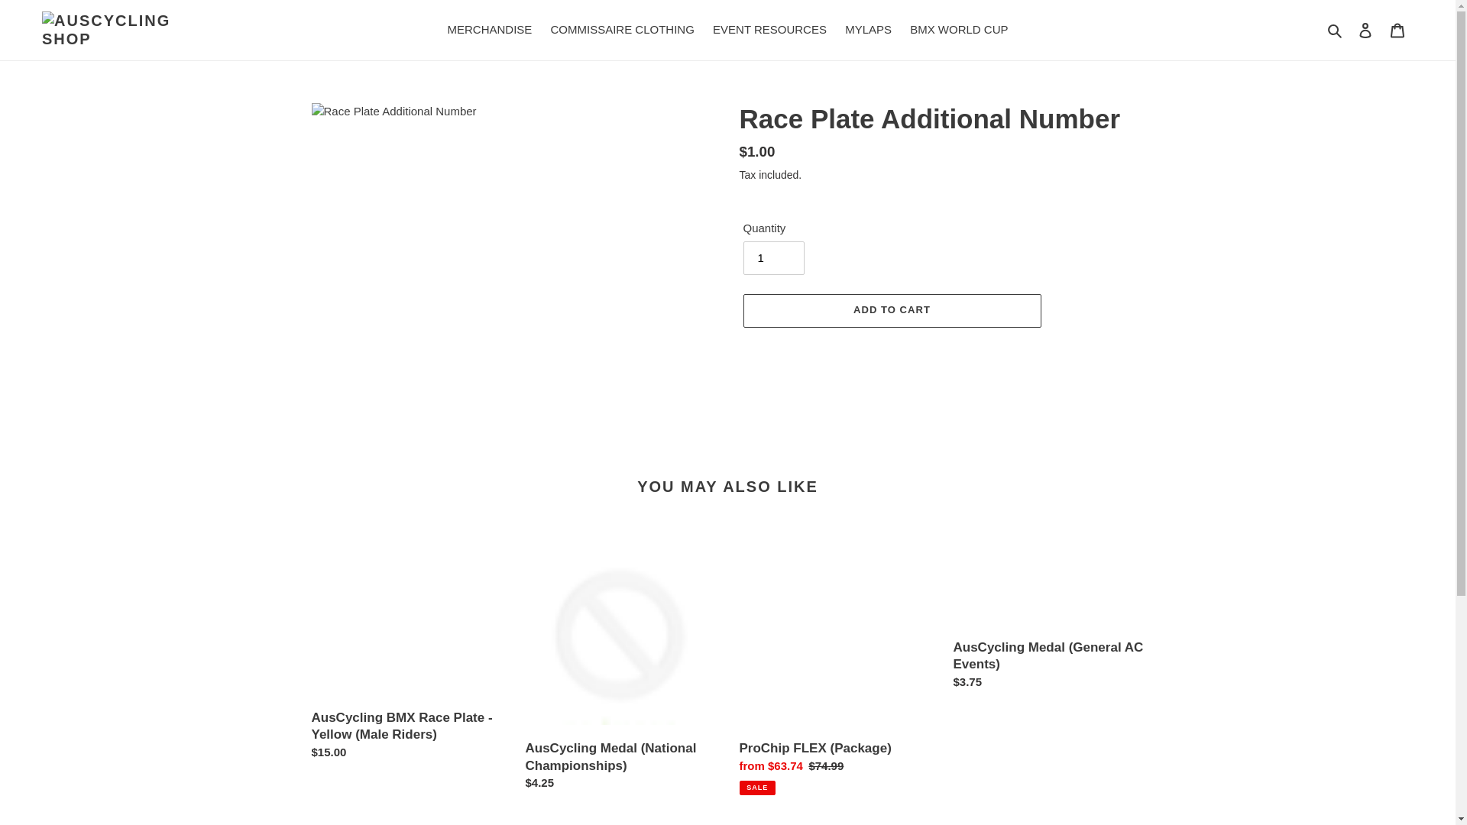 The height and width of the screenshot is (825, 1467). Describe the element at coordinates (957, 30) in the screenshot. I see `'BMX WORLD CUP'` at that location.